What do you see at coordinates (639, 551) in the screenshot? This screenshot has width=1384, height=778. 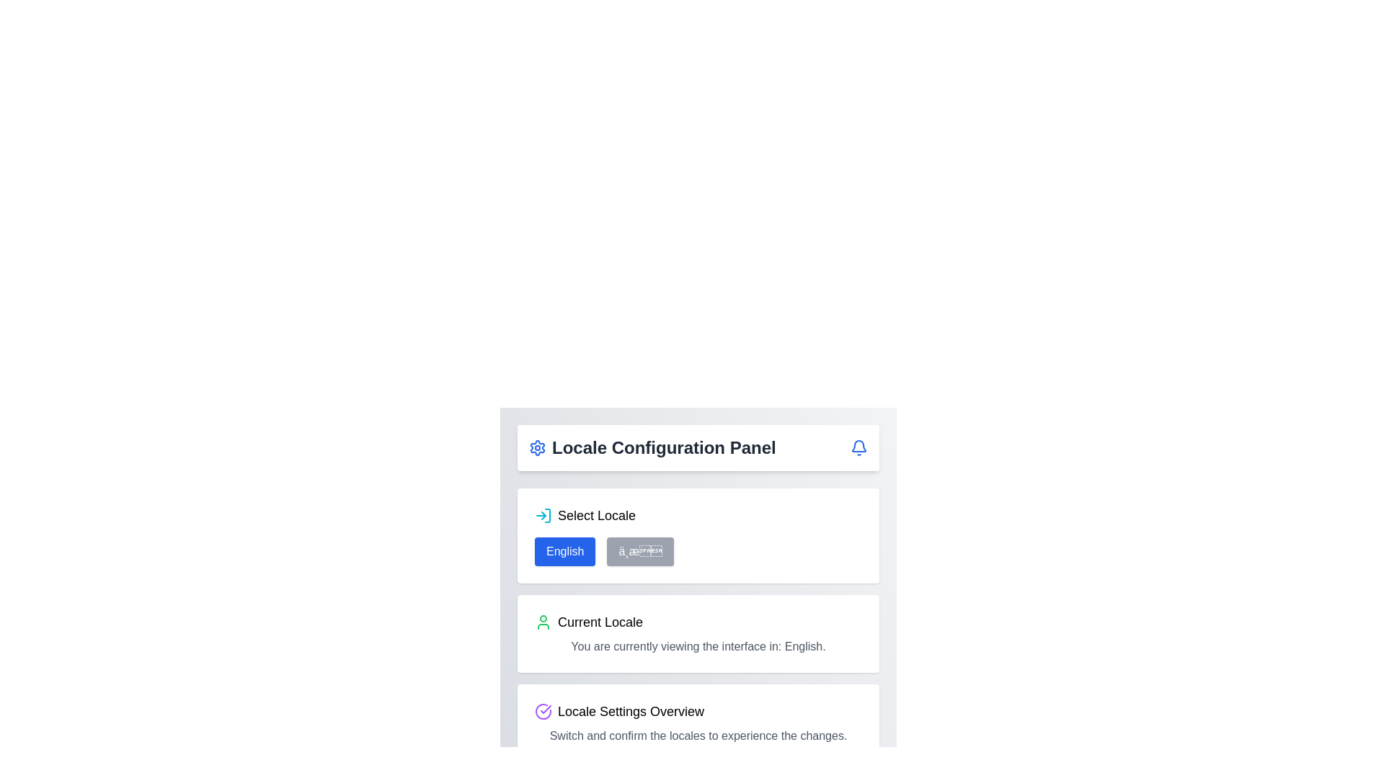 I see `the language switch button located to the right of the 'English' button in the 'Select Locale' section` at bounding box center [639, 551].